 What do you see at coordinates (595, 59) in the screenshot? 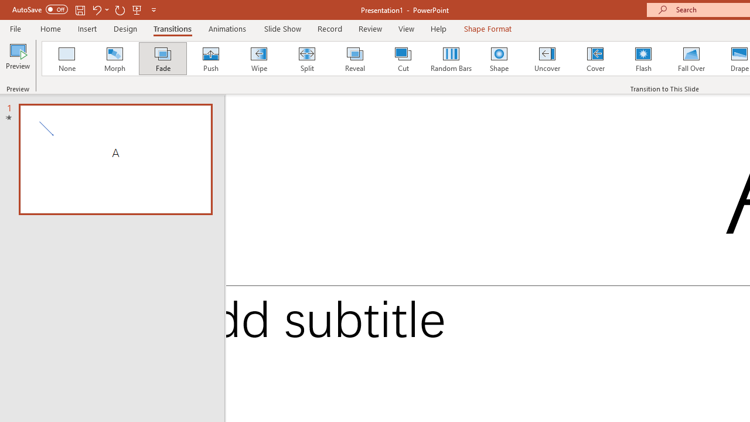
I see `'Cover'` at bounding box center [595, 59].